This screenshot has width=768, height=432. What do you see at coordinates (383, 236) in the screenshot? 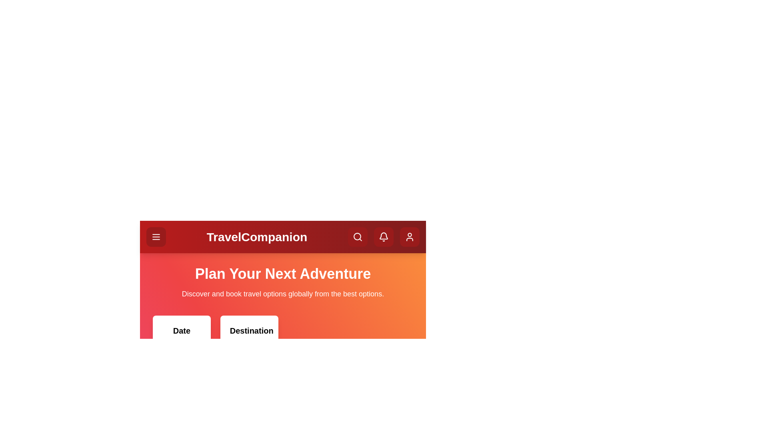
I see `the bell icon to view notifications` at bounding box center [383, 236].